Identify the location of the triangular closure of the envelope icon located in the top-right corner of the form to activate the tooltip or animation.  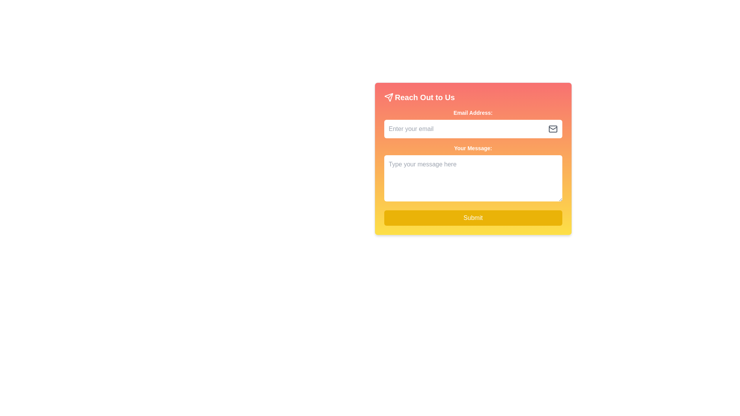
(552, 127).